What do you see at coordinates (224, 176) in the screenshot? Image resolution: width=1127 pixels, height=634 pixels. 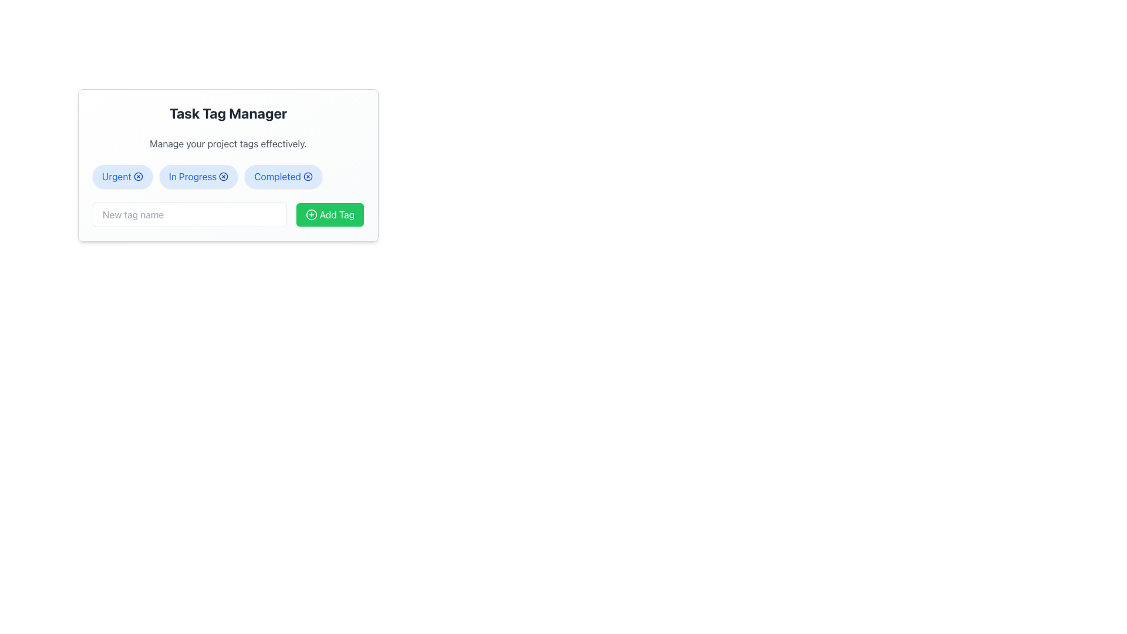 I see `the close button represented by the SVG Circle, which is centrally placed inside the close button icon adjacent to the 'In Progress' tag` at bounding box center [224, 176].